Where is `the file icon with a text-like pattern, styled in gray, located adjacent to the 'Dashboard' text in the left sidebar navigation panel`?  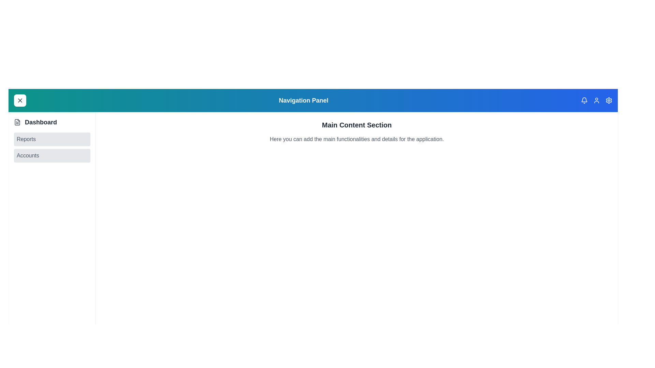 the file icon with a text-like pattern, styled in gray, located adjacent to the 'Dashboard' text in the left sidebar navigation panel is located at coordinates (17, 122).